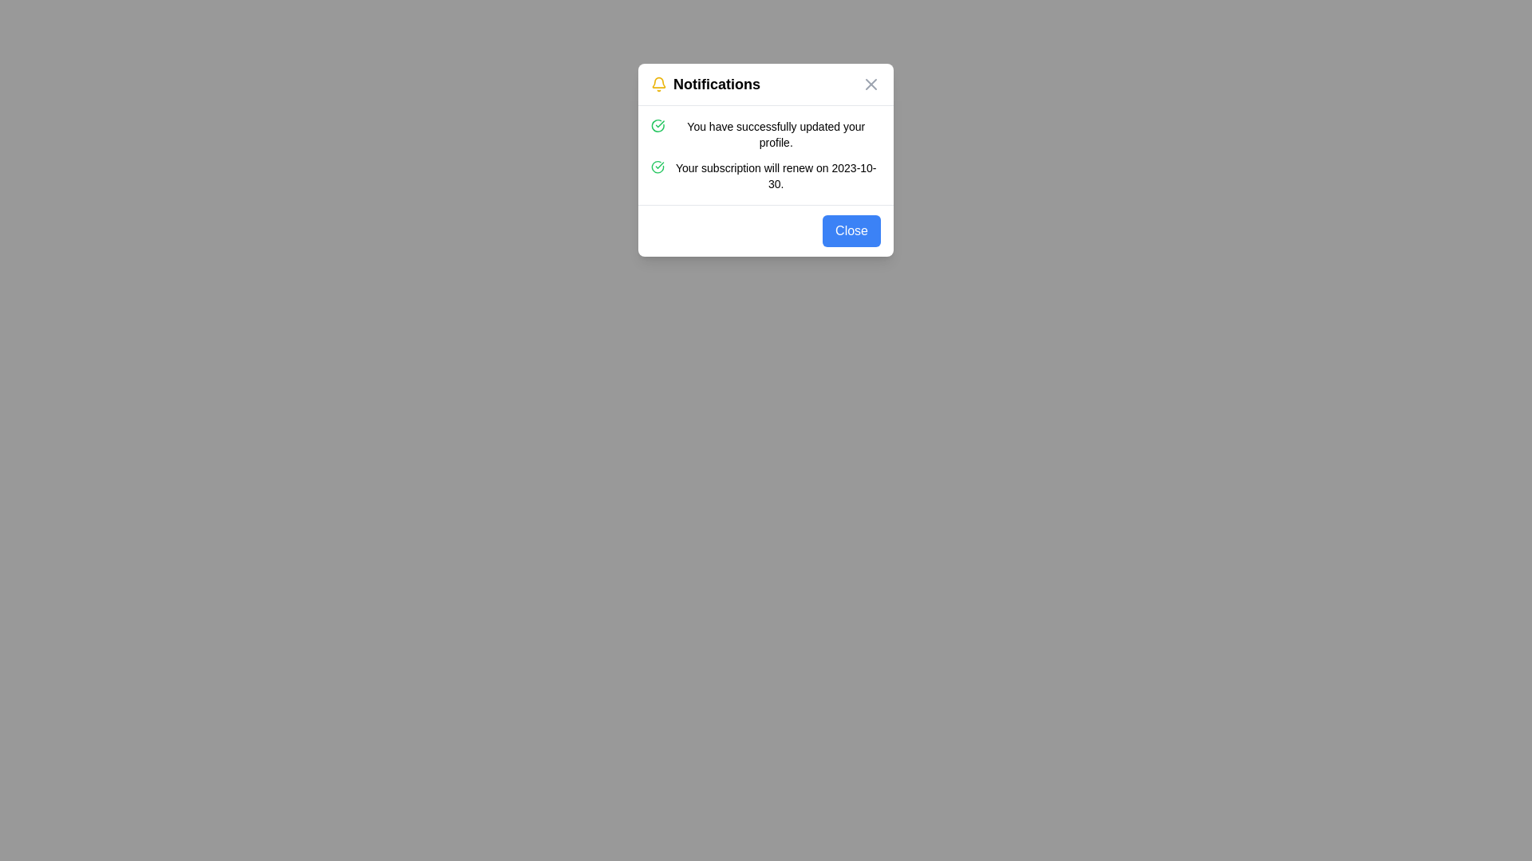 The width and height of the screenshot is (1532, 861). Describe the element at coordinates (657, 167) in the screenshot. I see `the decorative checkmark icon within the SVG in the notification card that signifies confirmation for the profile update` at that location.